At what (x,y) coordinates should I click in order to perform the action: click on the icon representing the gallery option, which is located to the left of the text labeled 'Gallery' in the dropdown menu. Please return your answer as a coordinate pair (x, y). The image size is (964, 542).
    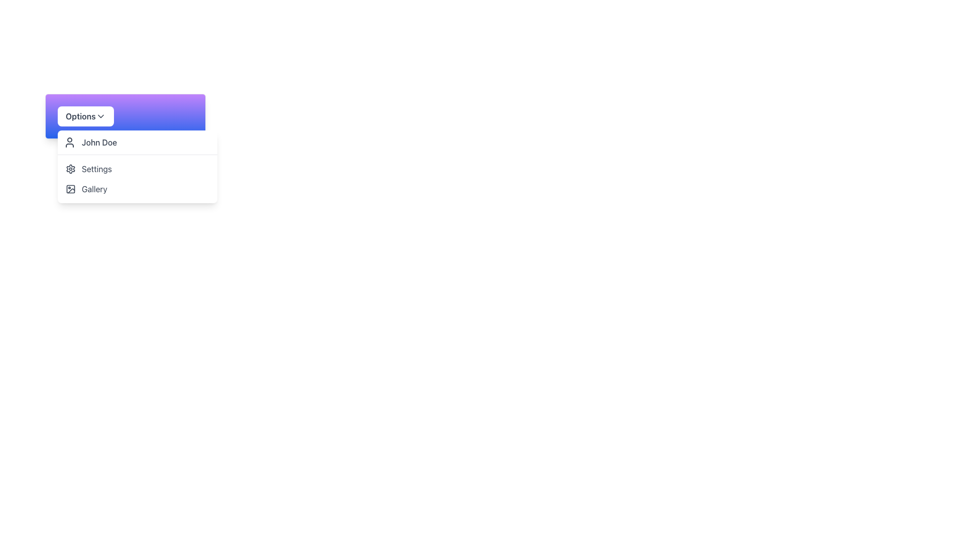
    Looking at the image, I should click on (70, 189).